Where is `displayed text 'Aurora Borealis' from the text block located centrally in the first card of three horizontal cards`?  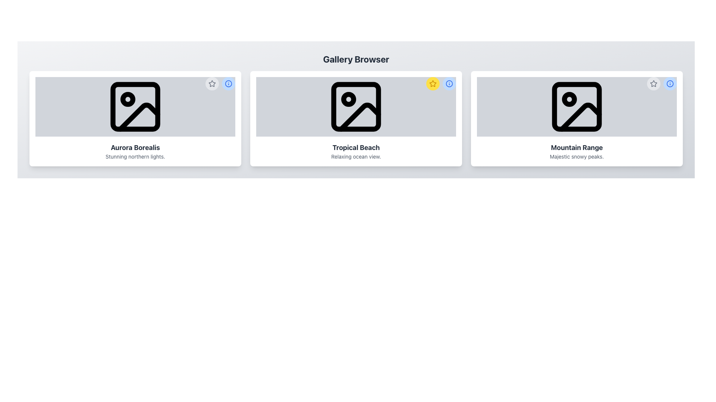 displayed text 'Aurora Borealis' from the text block located centrally in the first card of three horizontal cards is located at coordinates (135, 151).